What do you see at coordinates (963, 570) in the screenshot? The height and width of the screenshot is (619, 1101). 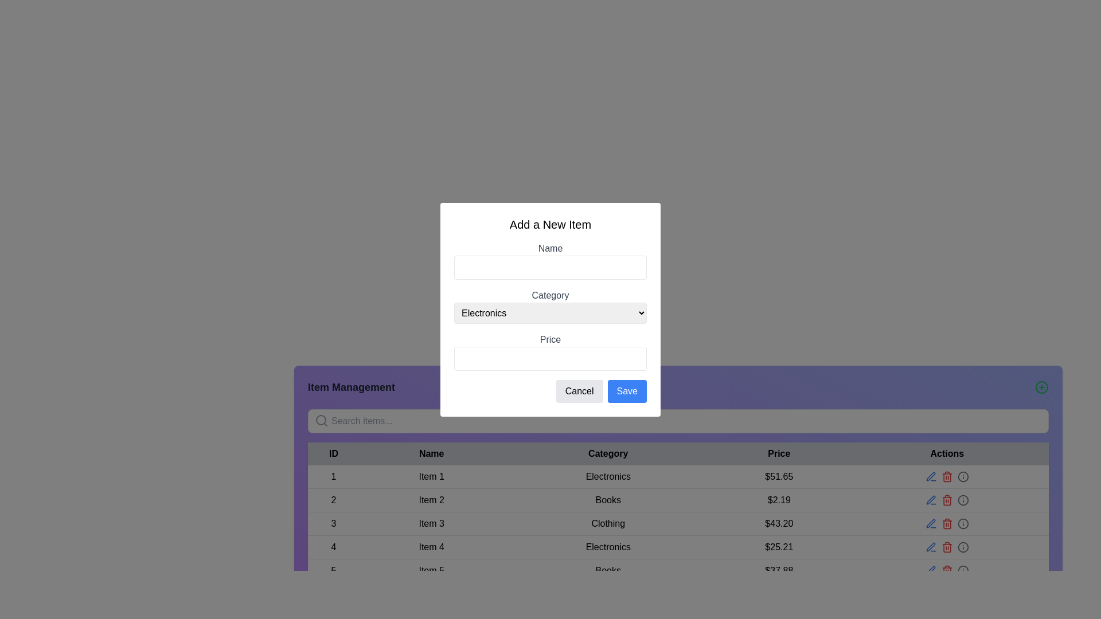 I see `the SVG-based information indicator icon in the 'Actions' column, located in the fifth row of the table under the 'Item Management' section` at bounding box center [963, 570].